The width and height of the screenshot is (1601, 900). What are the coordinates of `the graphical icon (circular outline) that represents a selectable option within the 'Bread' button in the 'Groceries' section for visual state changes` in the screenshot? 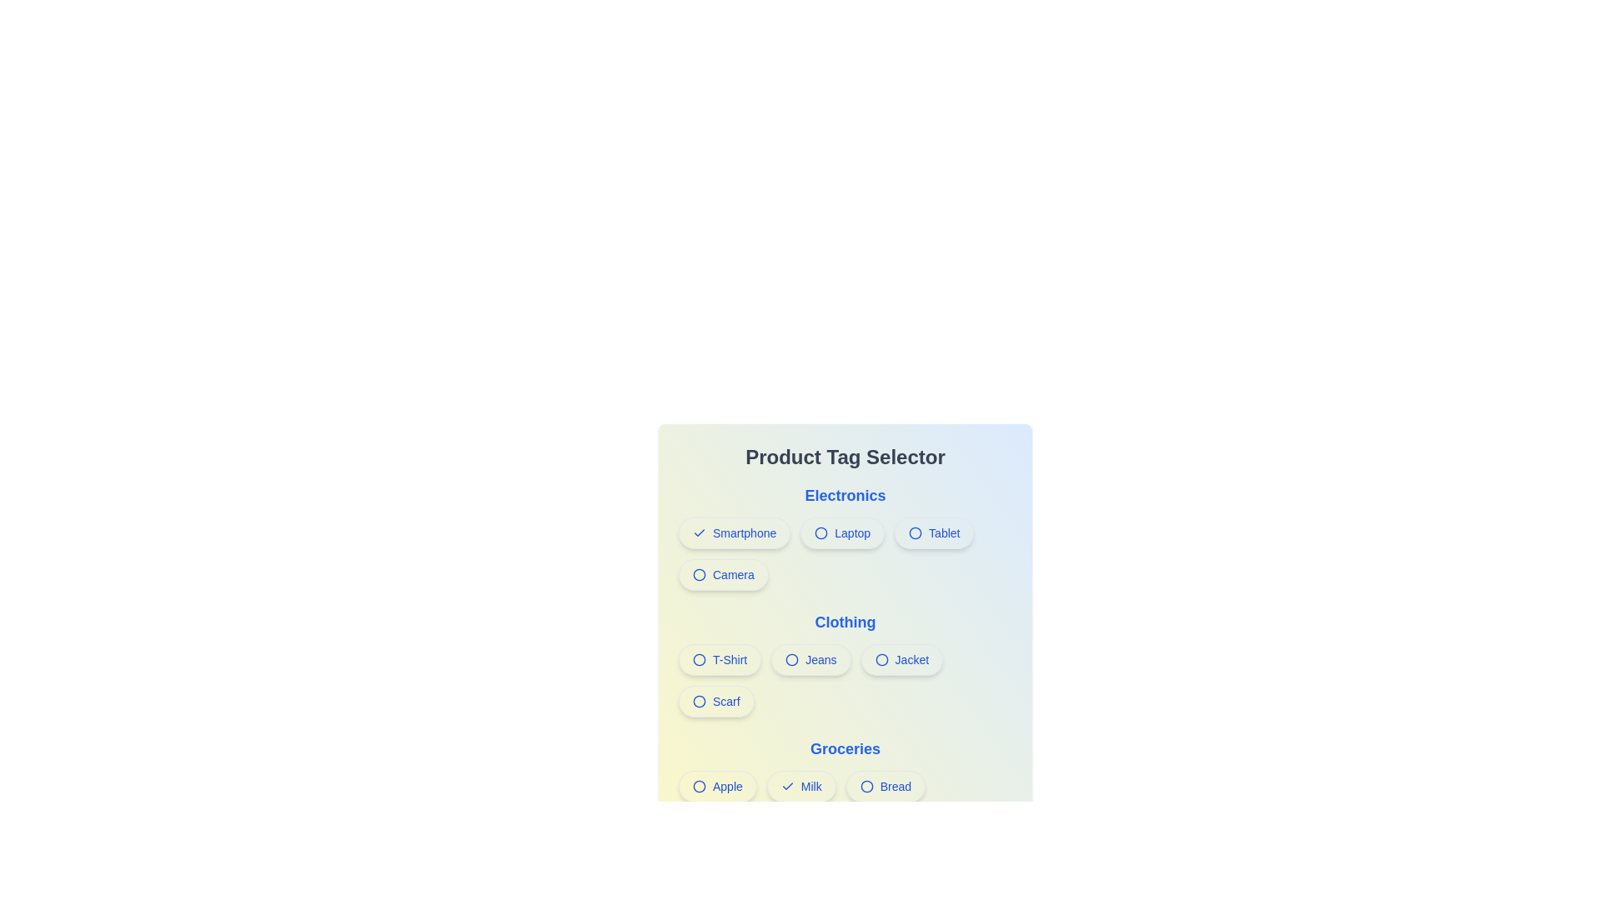 It's located at (866, 787).